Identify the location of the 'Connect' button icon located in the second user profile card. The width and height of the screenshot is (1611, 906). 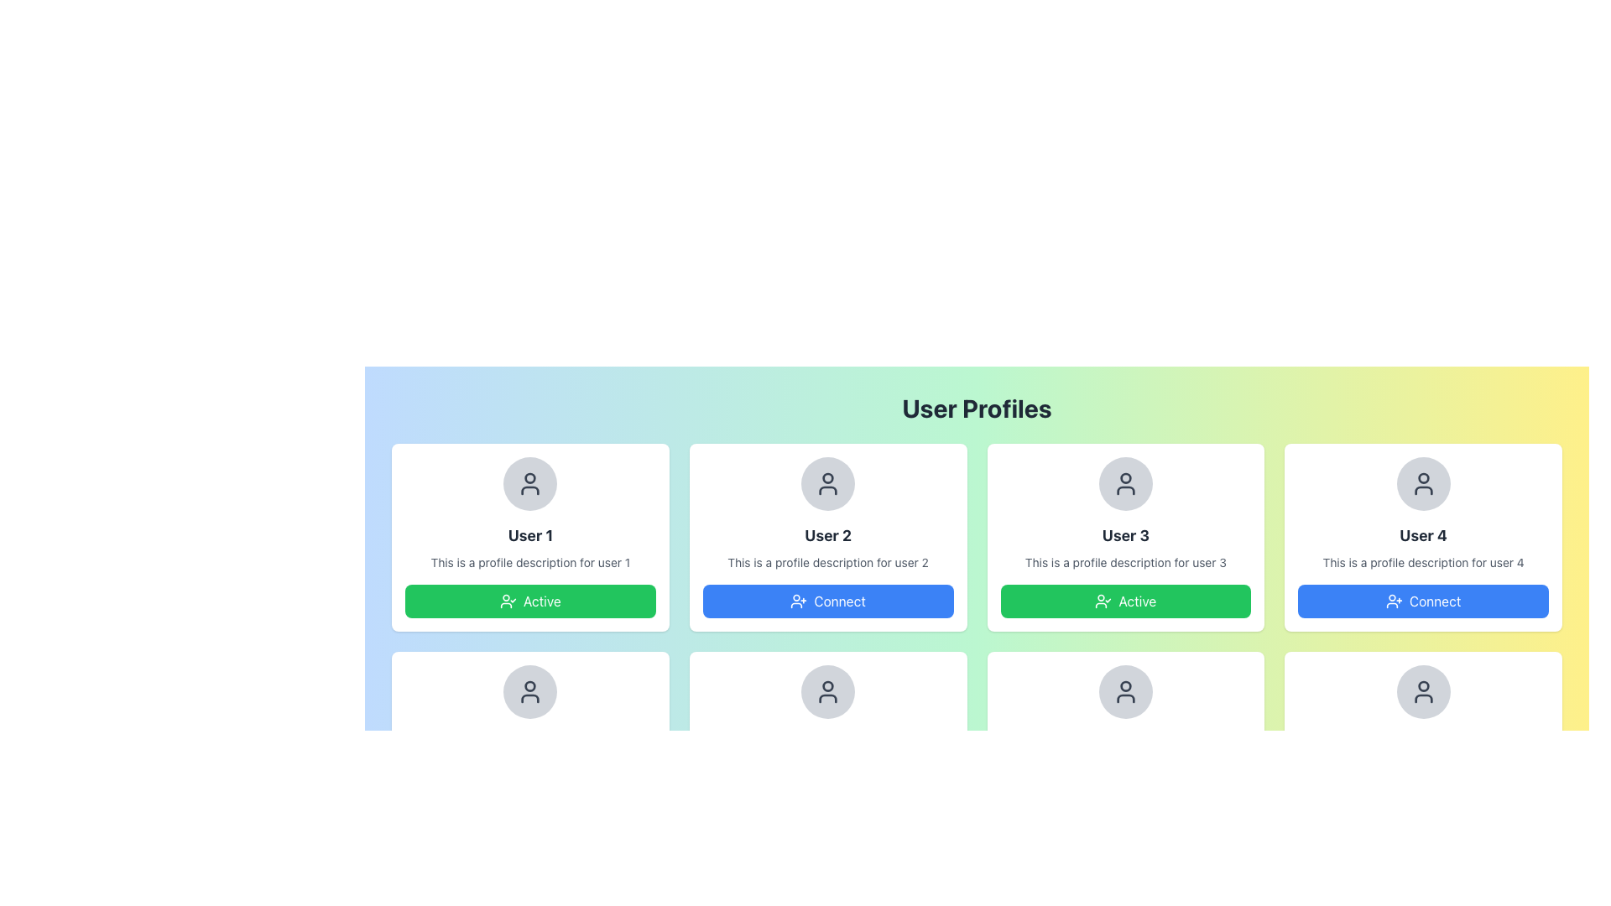
(798, 601).